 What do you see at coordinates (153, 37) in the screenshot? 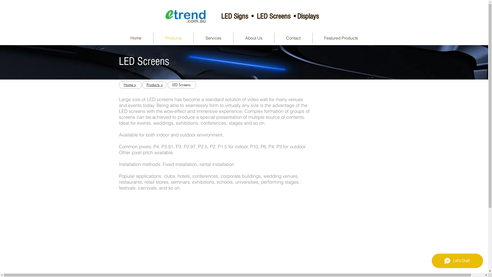
I see `'Products'` at bounding box center [153, 37].